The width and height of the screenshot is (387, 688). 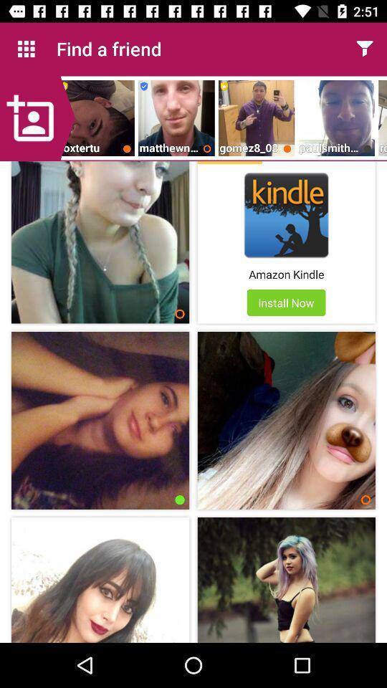 I want to click on sponsored app, so click(x=229, y=163).